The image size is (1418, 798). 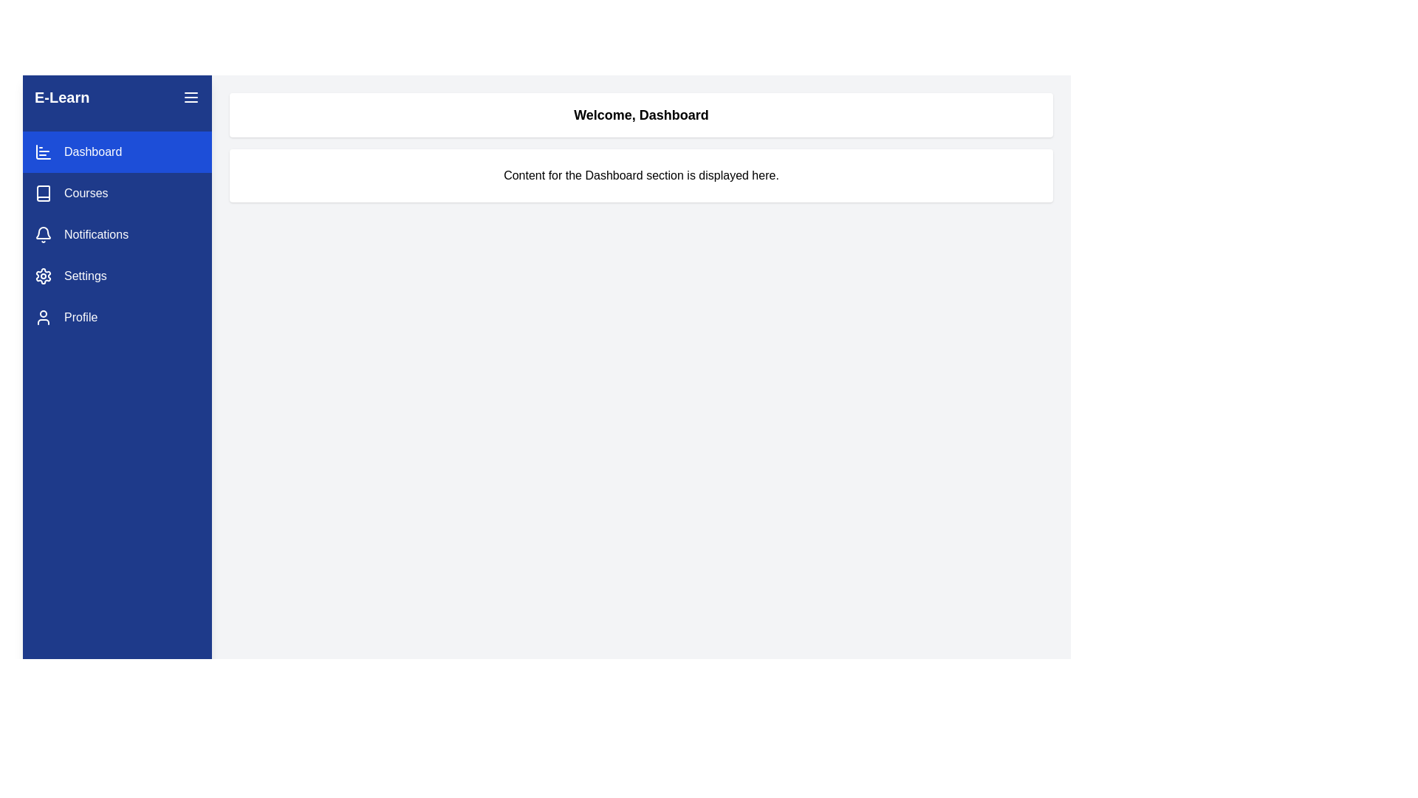 I want to click on the static text block that displays 'Welcome, Dashboard.' It is a rectangular area with centered bold text, located at the top of the main content area, so click(x=641, y=114).